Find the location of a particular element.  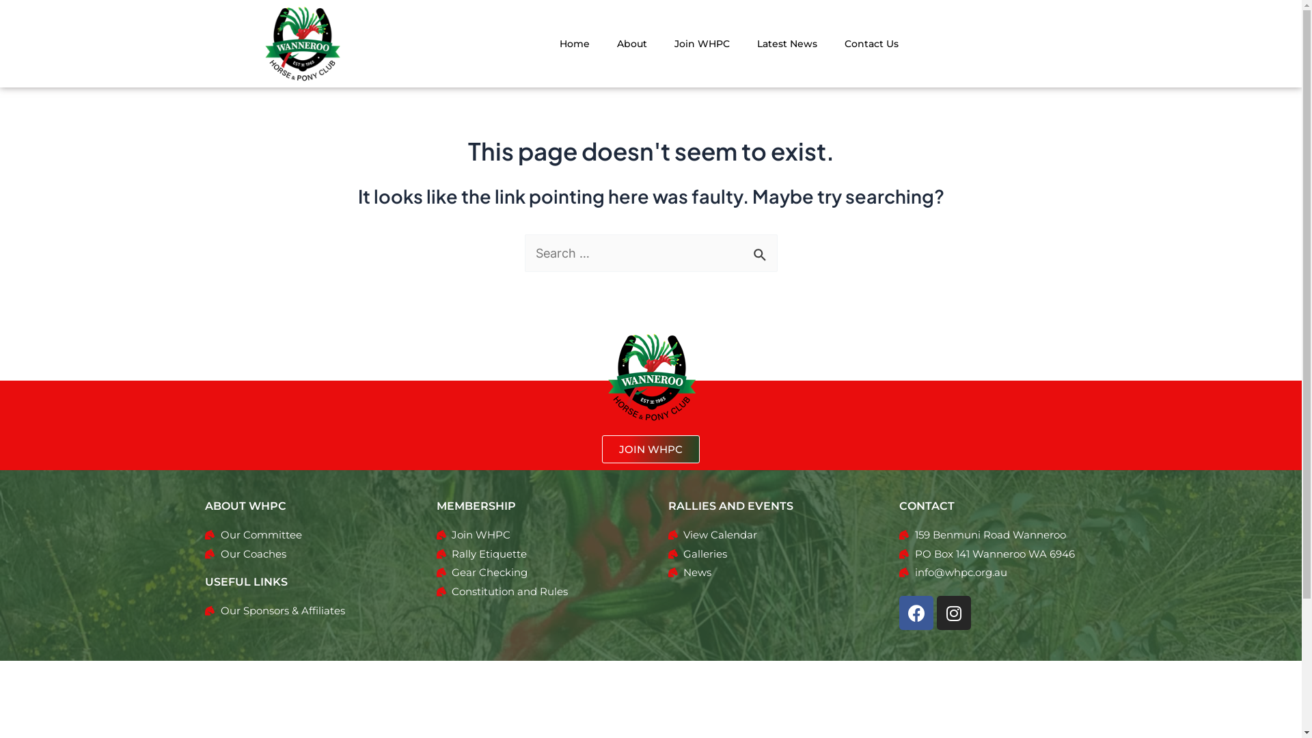

'Facebook' is located at coordinates (916, 612).